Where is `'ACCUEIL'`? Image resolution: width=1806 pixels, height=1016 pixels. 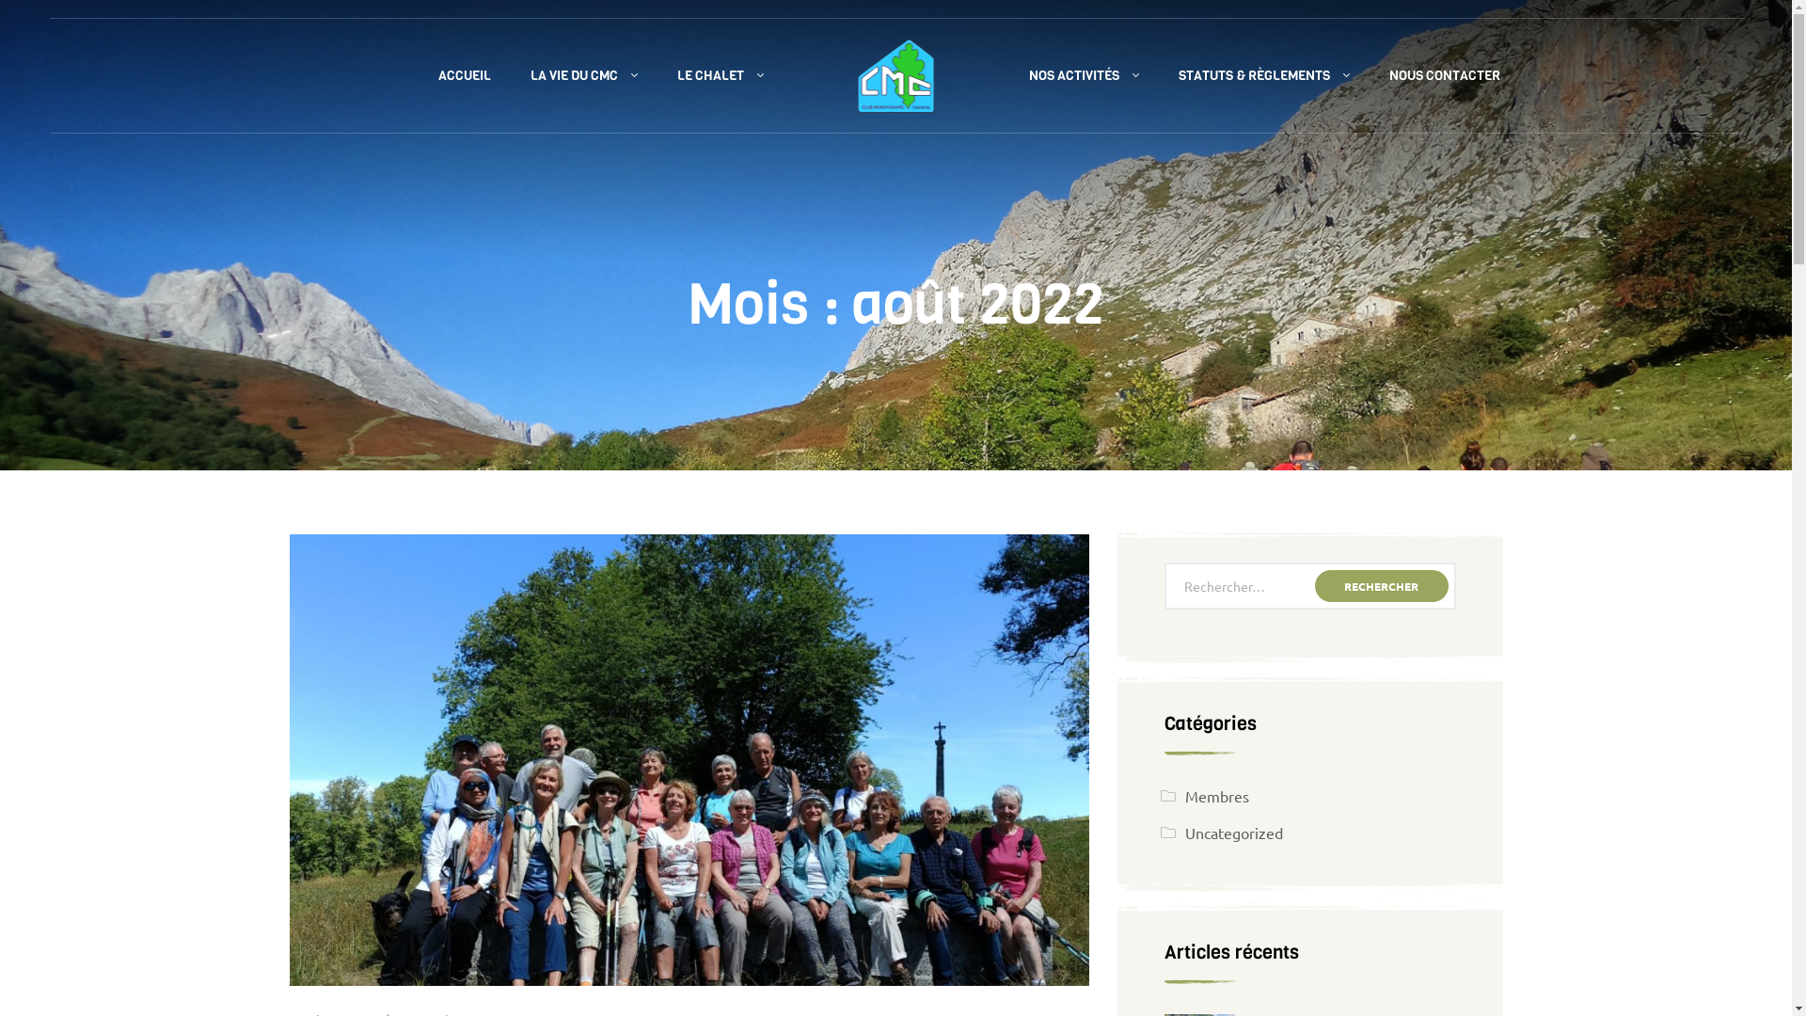
'ACCUEIL' is located at coordinates (417, 75).